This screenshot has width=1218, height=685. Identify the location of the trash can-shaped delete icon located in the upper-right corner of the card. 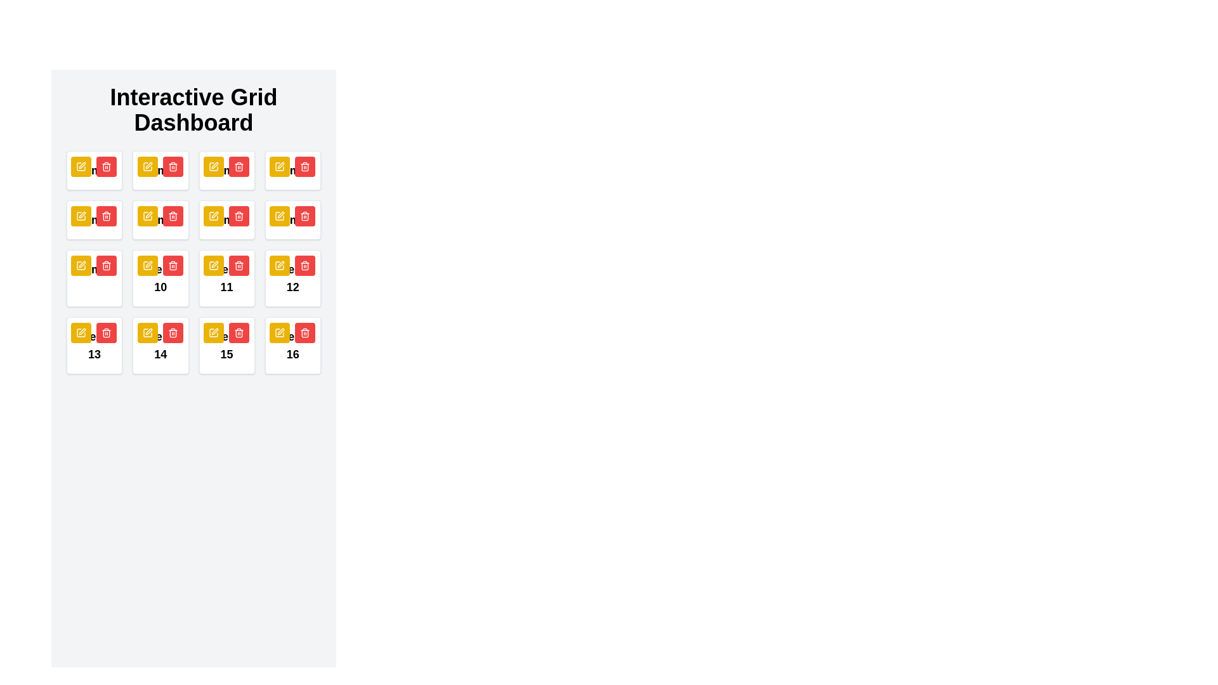
(172, 333).